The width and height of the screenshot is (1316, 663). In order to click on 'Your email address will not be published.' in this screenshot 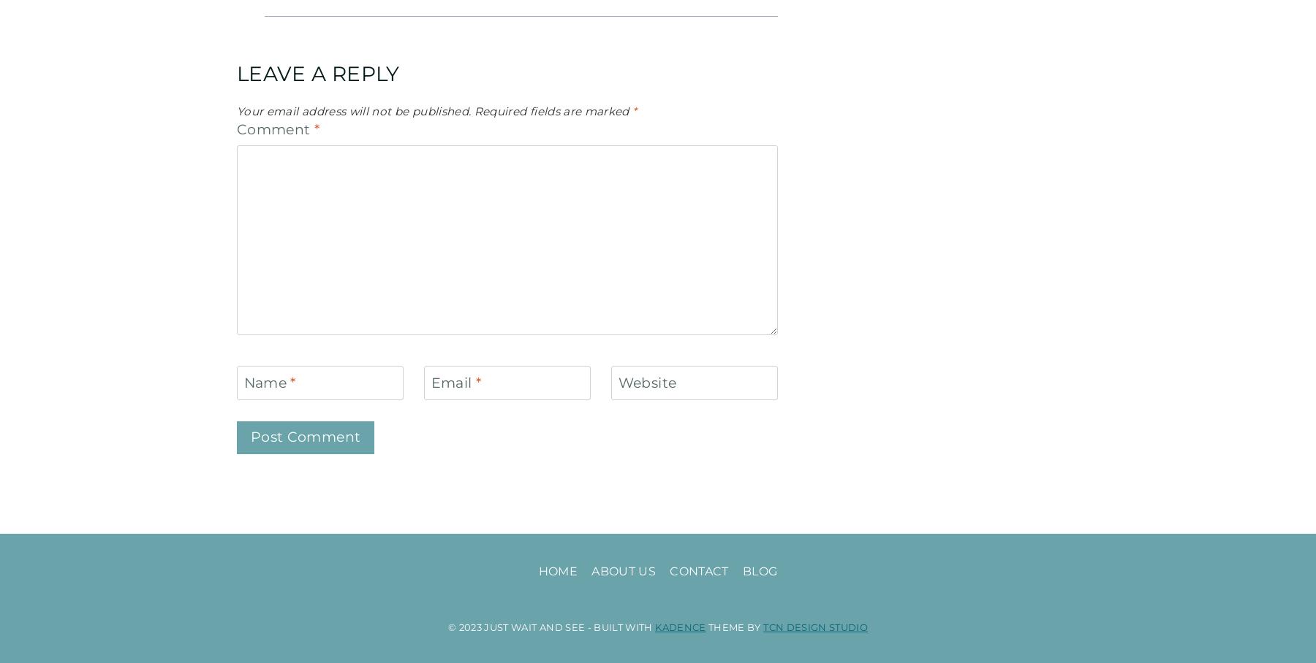, I will do `click(353, 110)`.